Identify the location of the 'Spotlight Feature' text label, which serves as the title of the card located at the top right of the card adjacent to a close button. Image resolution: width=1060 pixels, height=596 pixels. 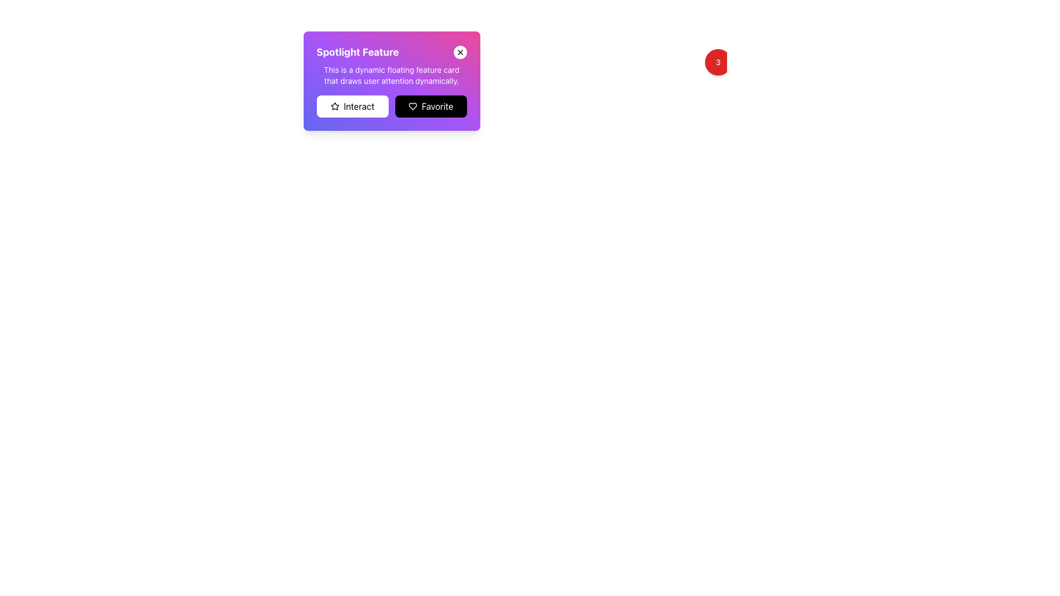
(391, 52).